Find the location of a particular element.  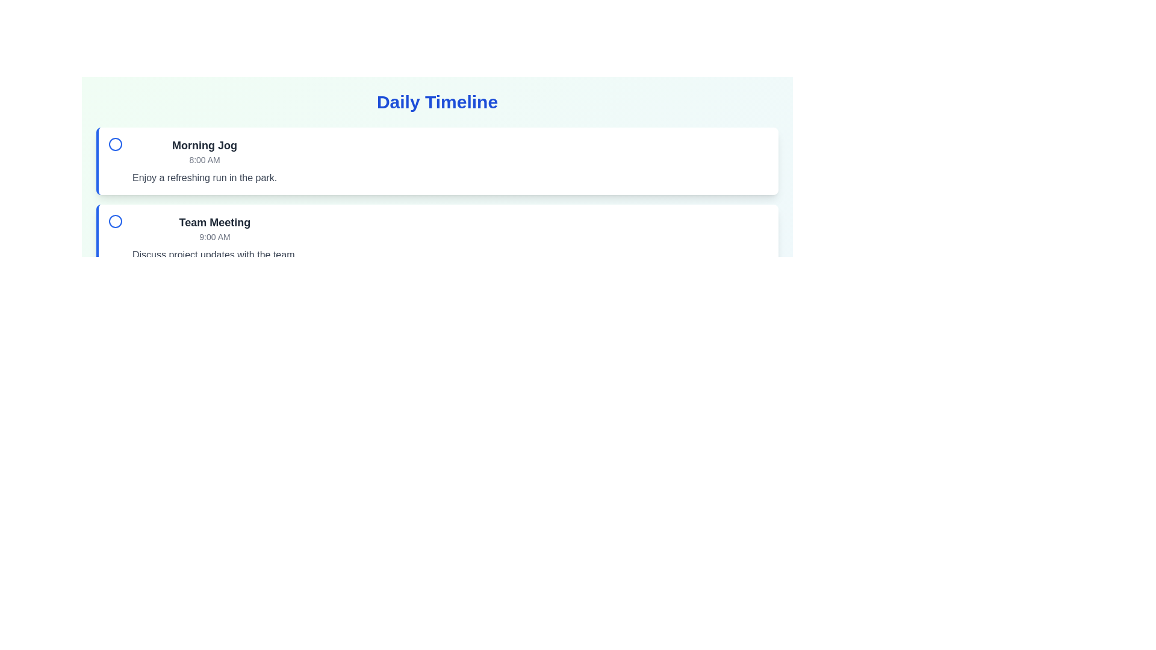

the blue circular icon with a white fill and blue border, located in the top-left corner of the 'Morning Jog' card is located at coordinates (116, 143).